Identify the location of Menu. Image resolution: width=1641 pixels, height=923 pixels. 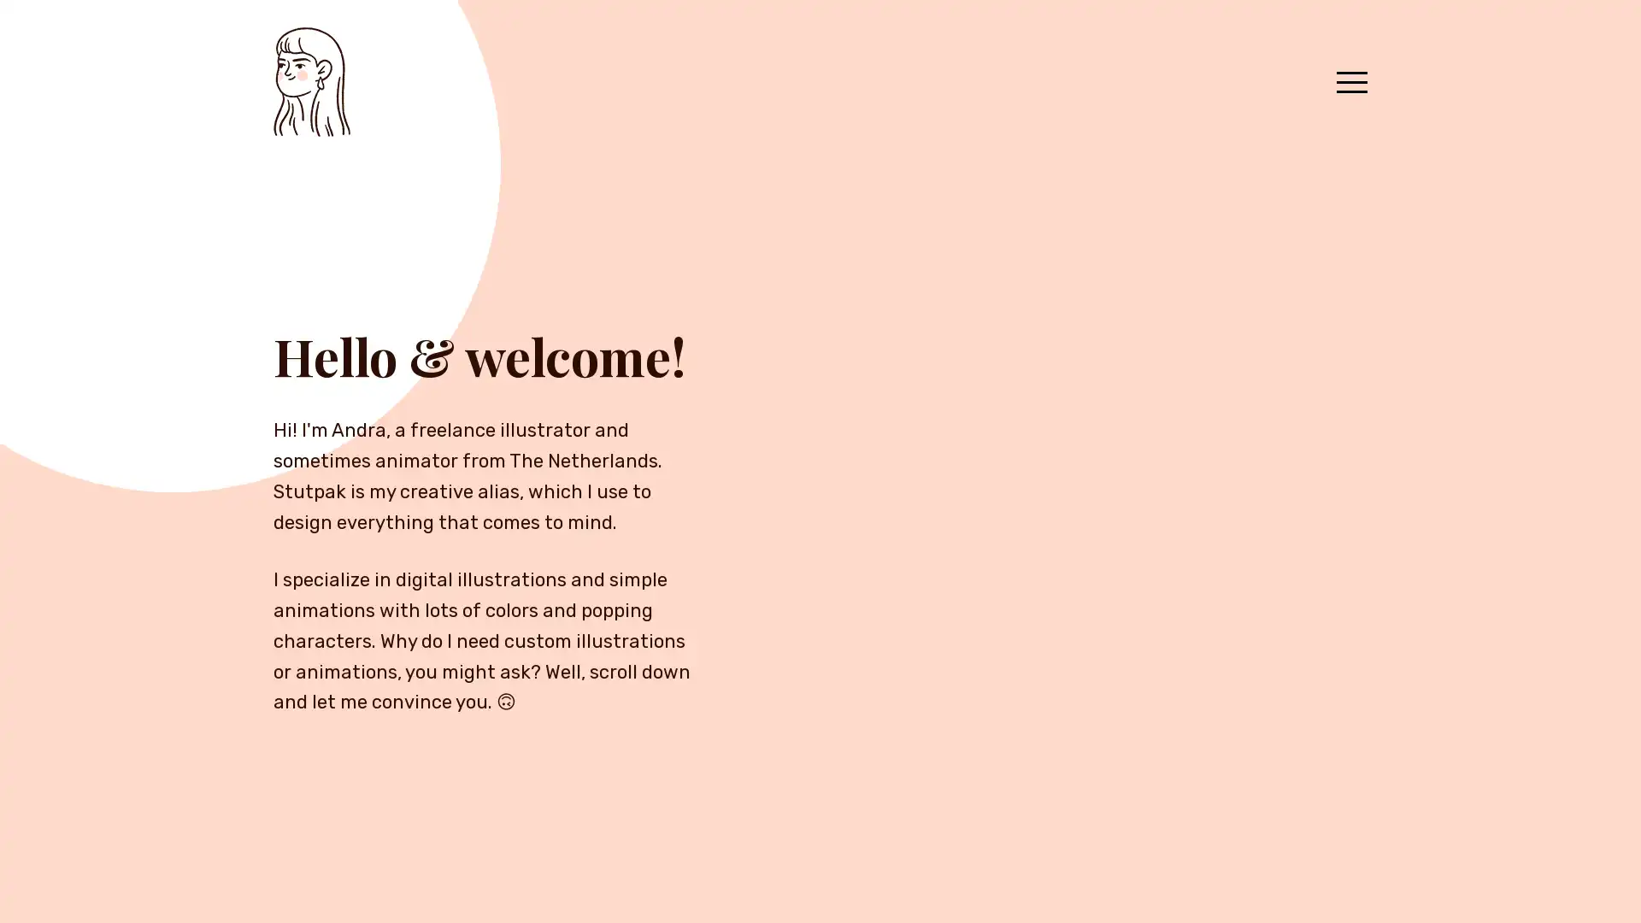
(1351, 82).